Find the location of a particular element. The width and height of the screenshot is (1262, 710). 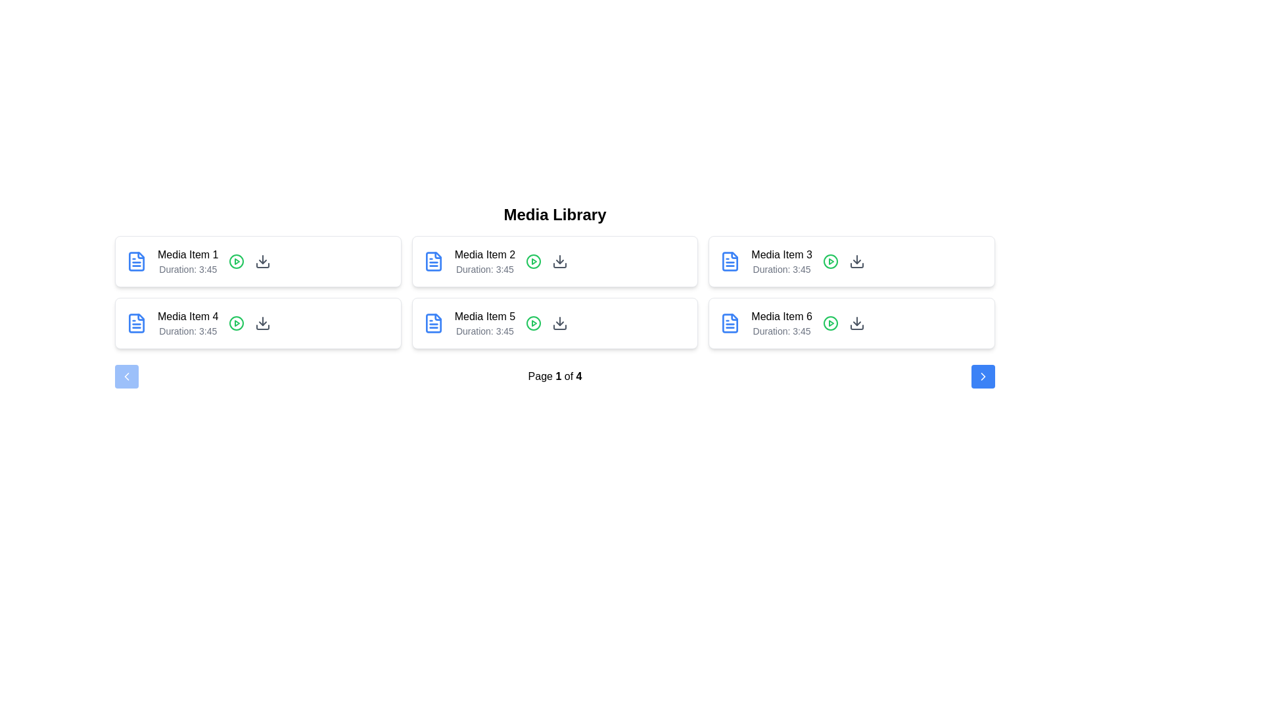

the file or document icon in the top-left corner of the card labeled 'Media Item 6' in the media library interface is located at coordinates (730, 323).